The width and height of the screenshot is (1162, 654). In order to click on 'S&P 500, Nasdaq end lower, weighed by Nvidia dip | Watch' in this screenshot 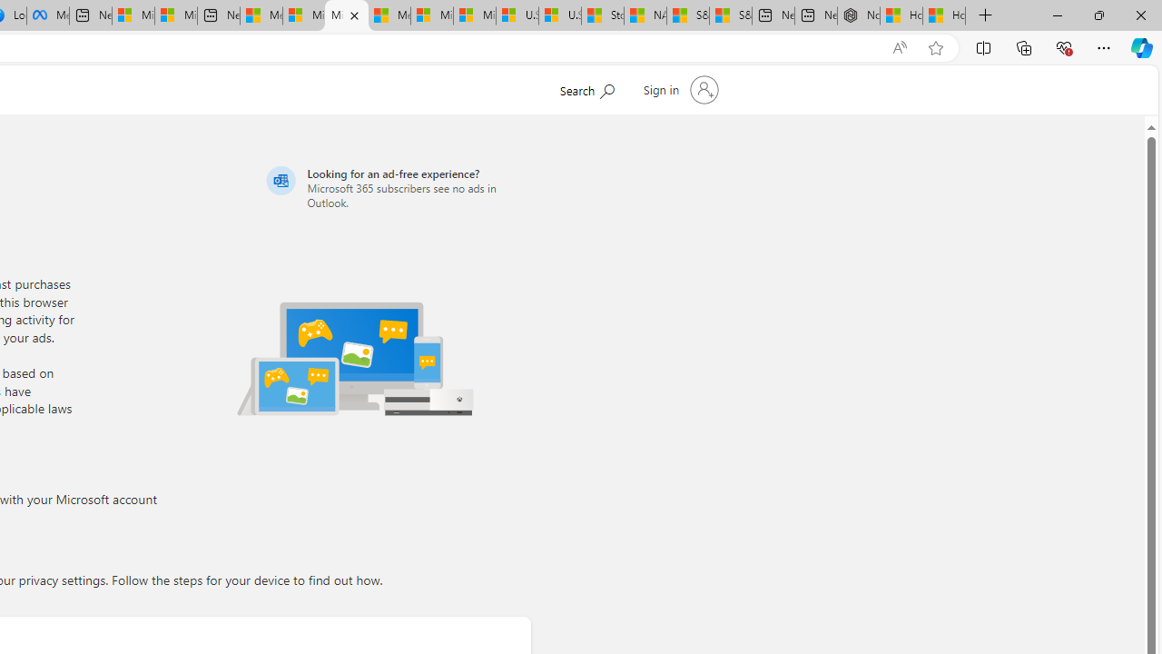, I will do `click(731, 15)`.